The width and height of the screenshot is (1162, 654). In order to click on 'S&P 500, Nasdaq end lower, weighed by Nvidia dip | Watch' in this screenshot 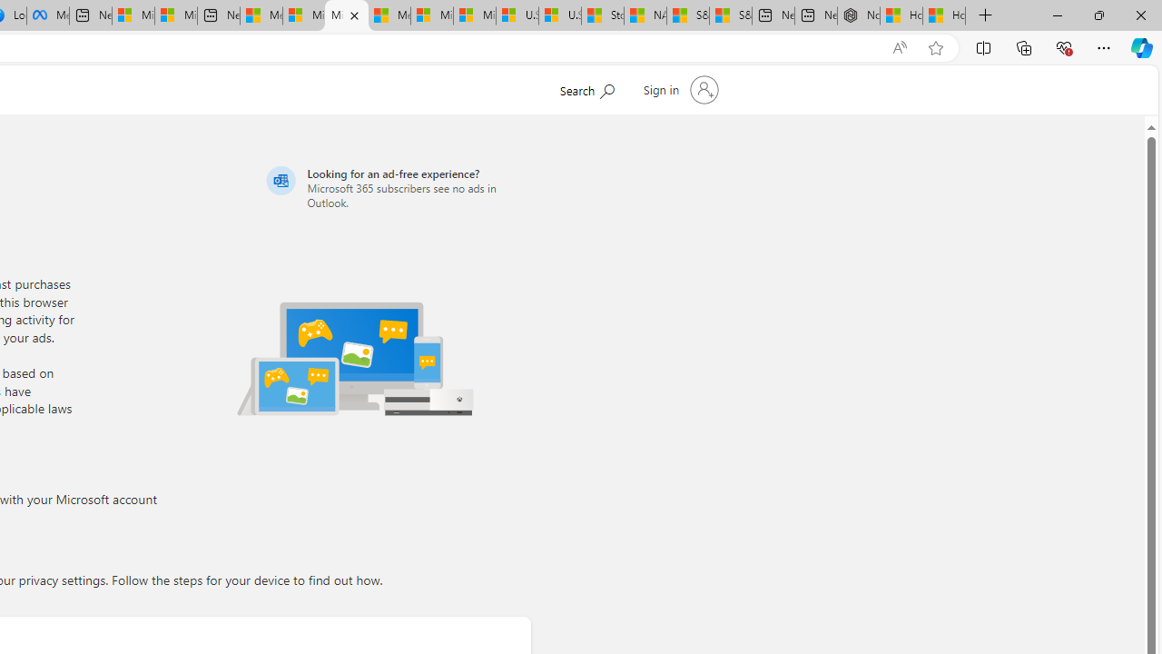, I will do `click(731, 15)`.